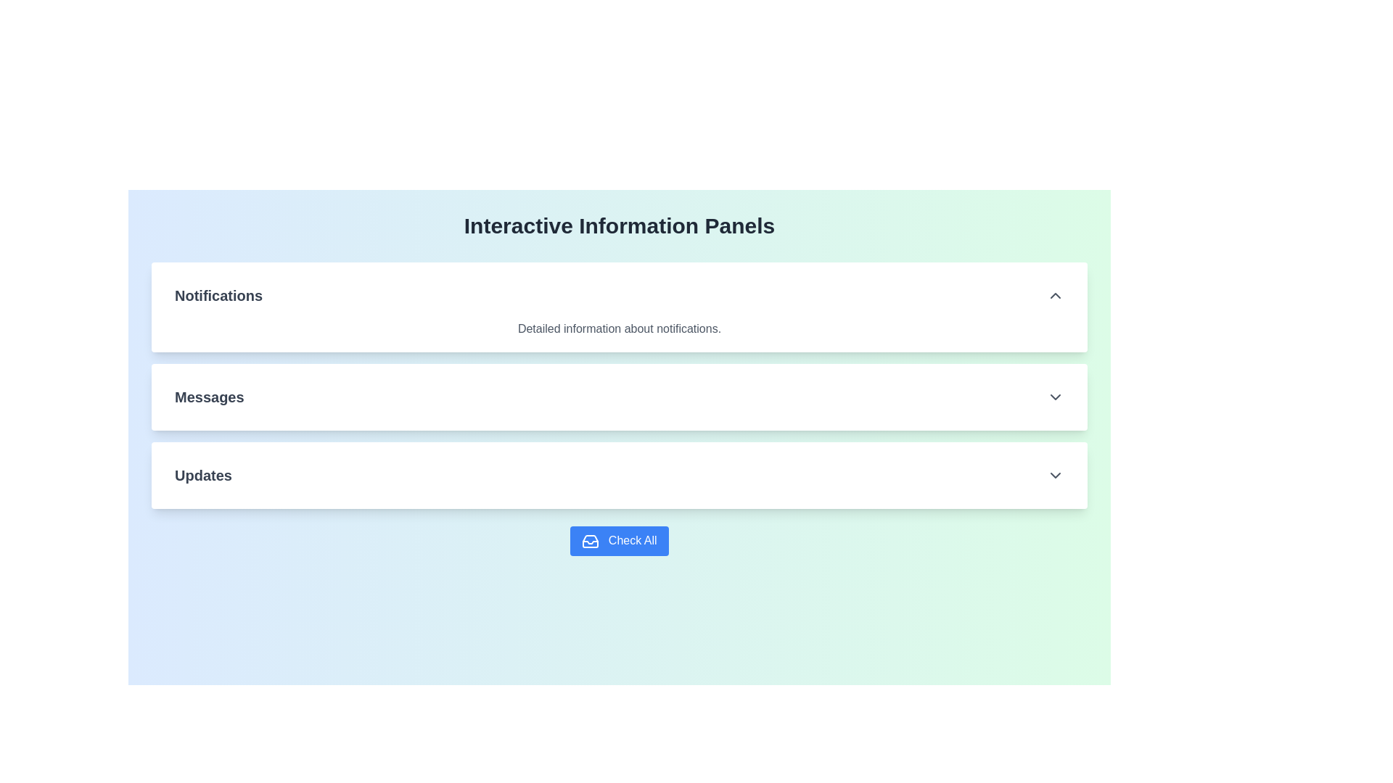 The width and height of the screenshot is (1393, 783). What do you see at coordinates (1055, 397) in the screenshot?
I see `the downward-facing chevron icon located at the far-right end of the 'Messages' section` at bounding box center [1055, 397].